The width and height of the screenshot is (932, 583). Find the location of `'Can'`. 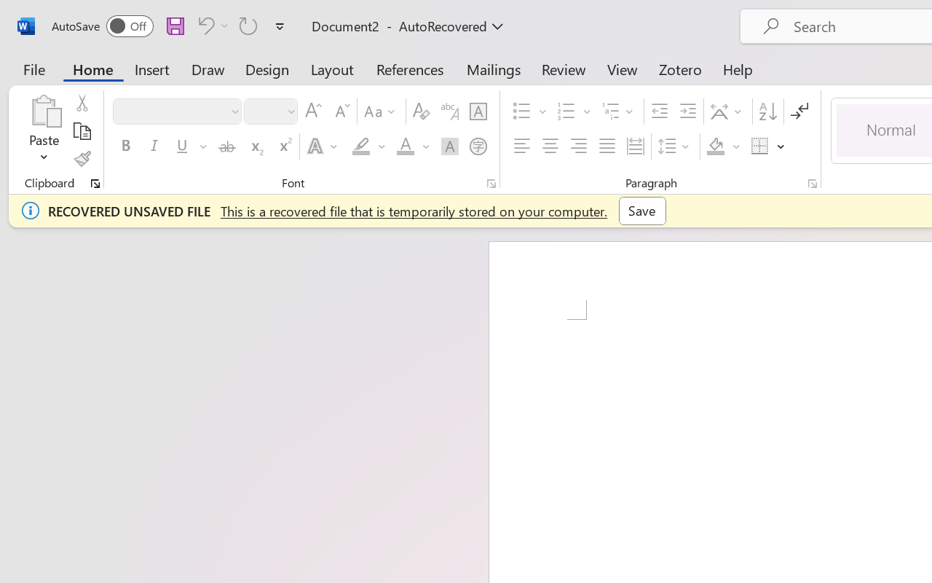

'Can' is located at coordinates (210, 25).